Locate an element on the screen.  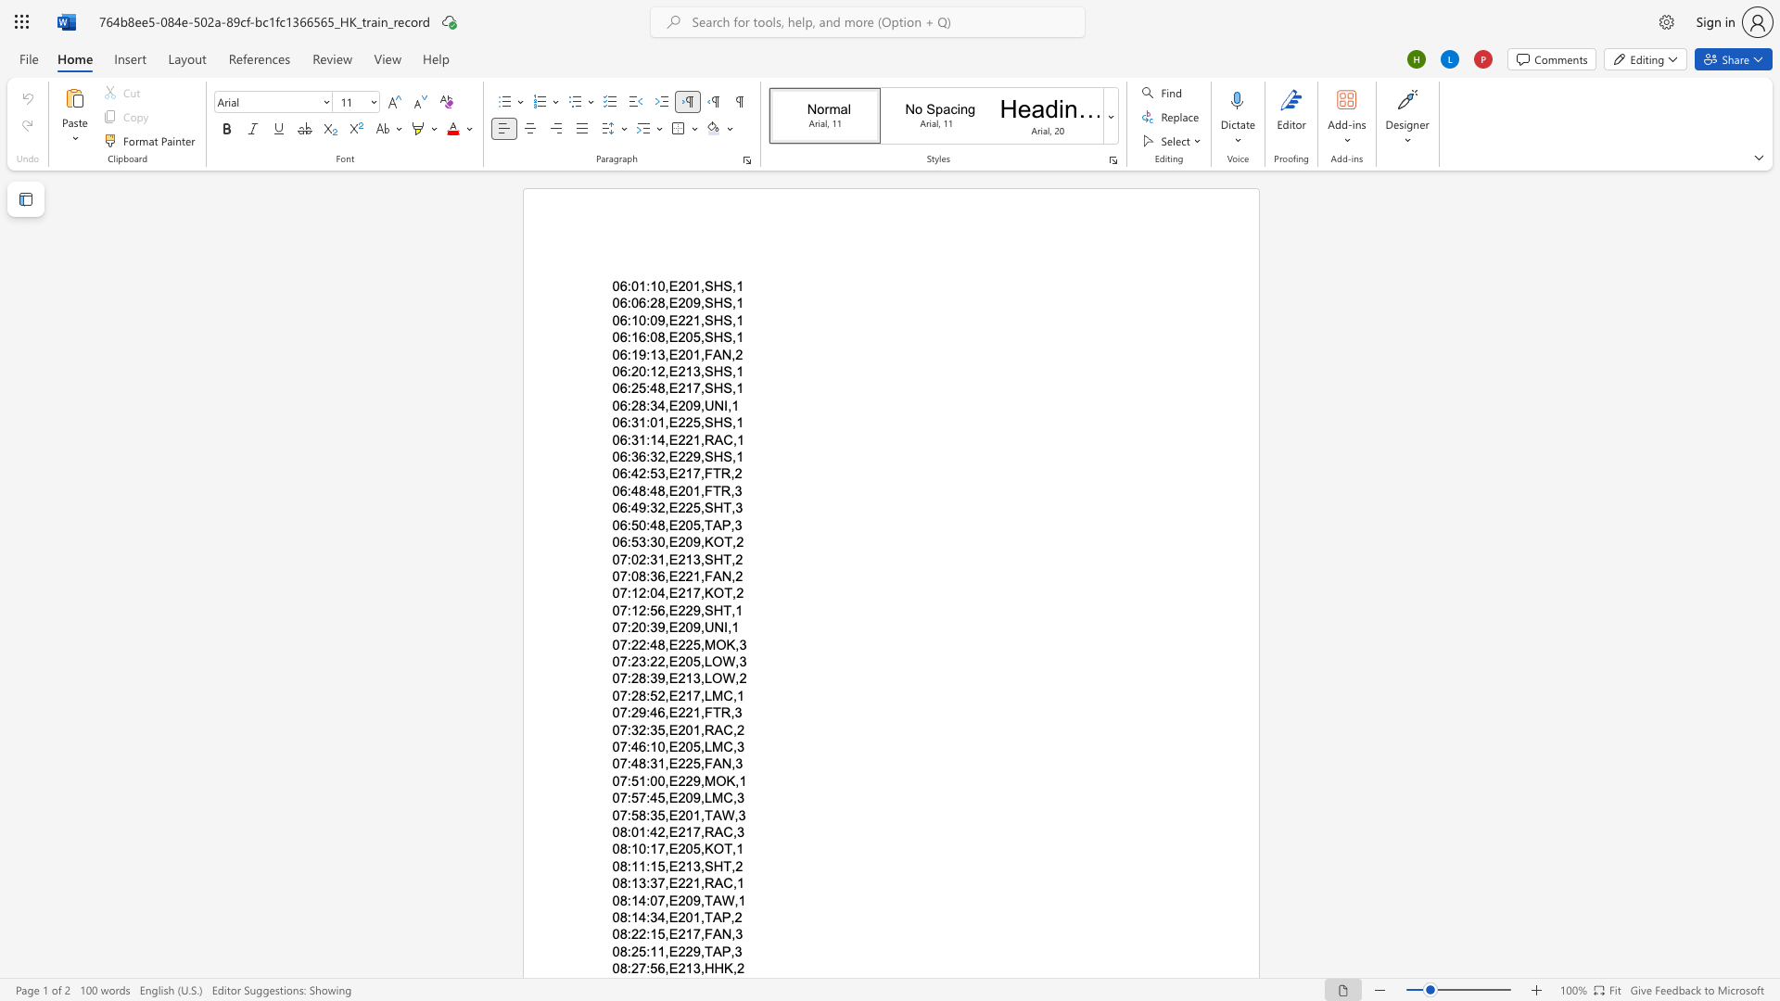
the subset text "209" within the text "06:53:30,E209,KOT,2" is located at coordinates (677, 542).